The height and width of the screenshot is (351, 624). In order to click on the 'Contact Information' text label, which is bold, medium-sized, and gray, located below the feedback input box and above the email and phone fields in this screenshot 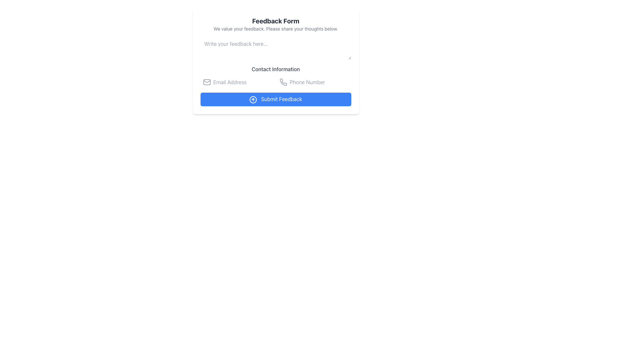, I will do `click(276, 69)`.